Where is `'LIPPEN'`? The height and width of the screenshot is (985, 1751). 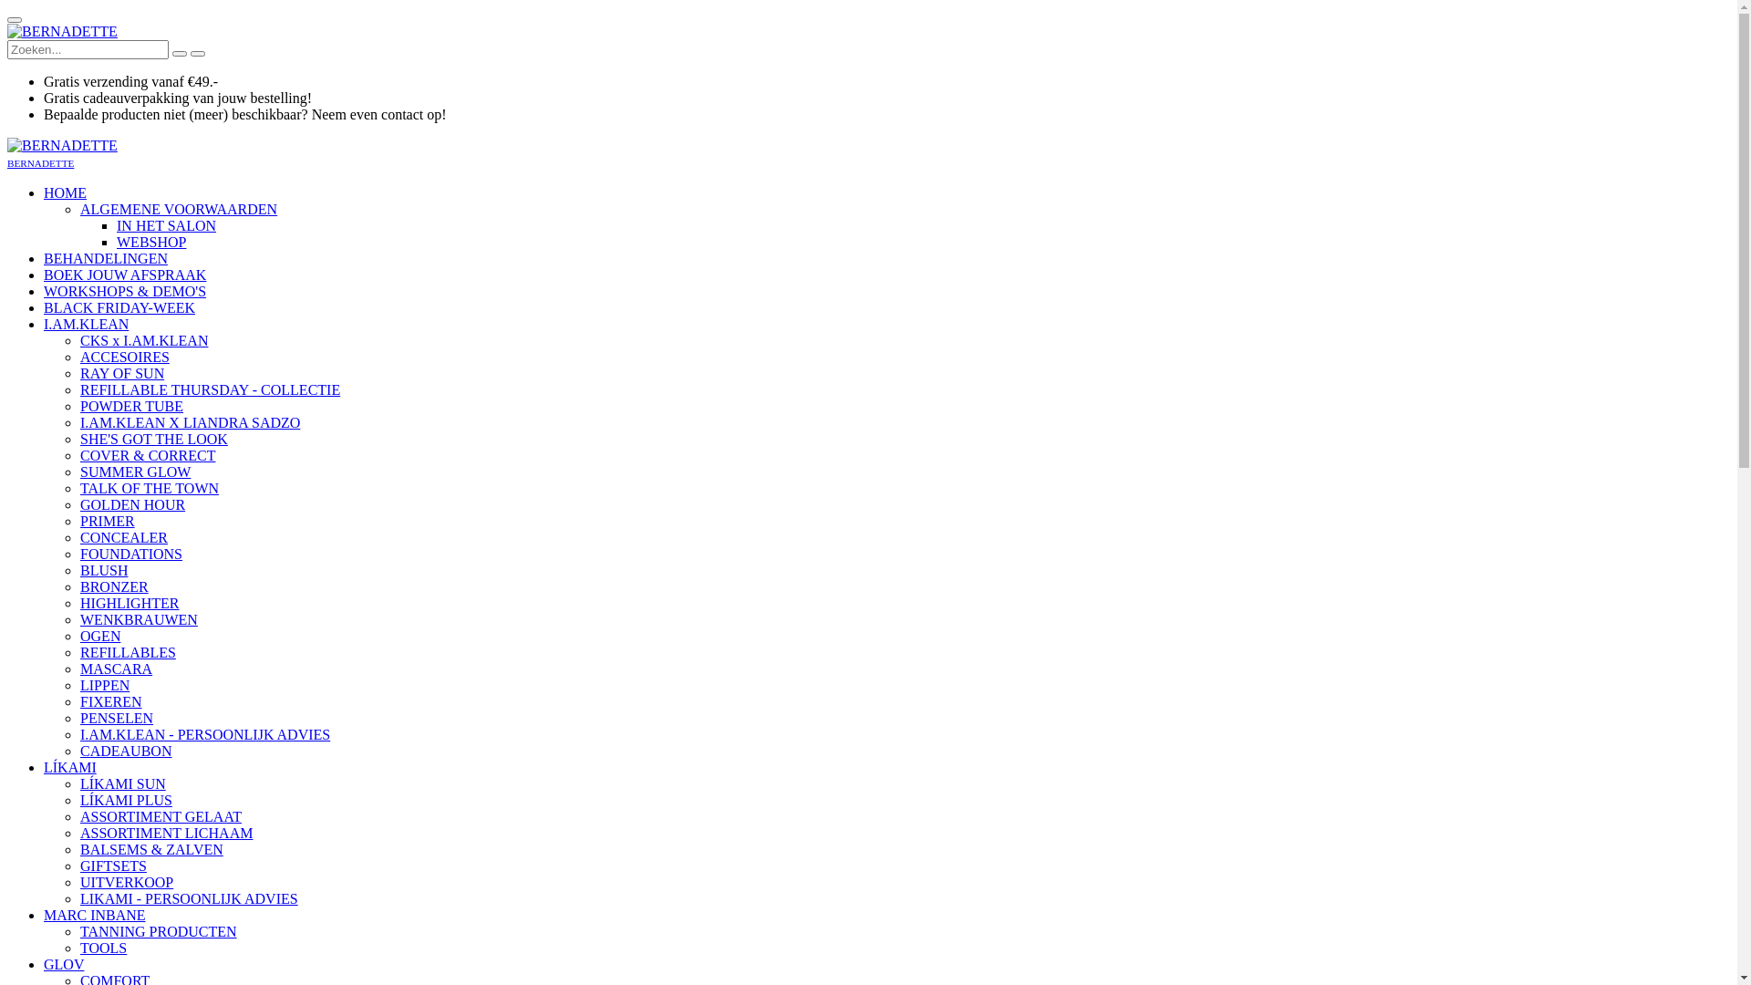
'LIPPEN' is located at coordinates (104, 685).